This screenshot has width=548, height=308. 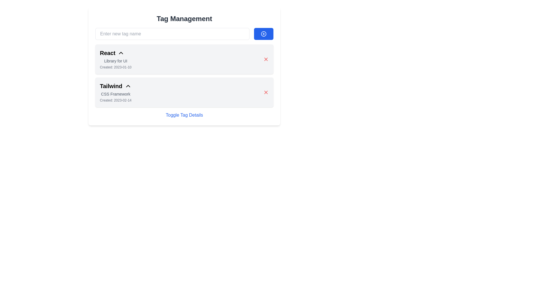 What do you see at coordinates (265, 92) in the screenshot?
I see `the delete button for the 'TailwindCSS Framework' item to change its color` at bounding box center [265, 92].